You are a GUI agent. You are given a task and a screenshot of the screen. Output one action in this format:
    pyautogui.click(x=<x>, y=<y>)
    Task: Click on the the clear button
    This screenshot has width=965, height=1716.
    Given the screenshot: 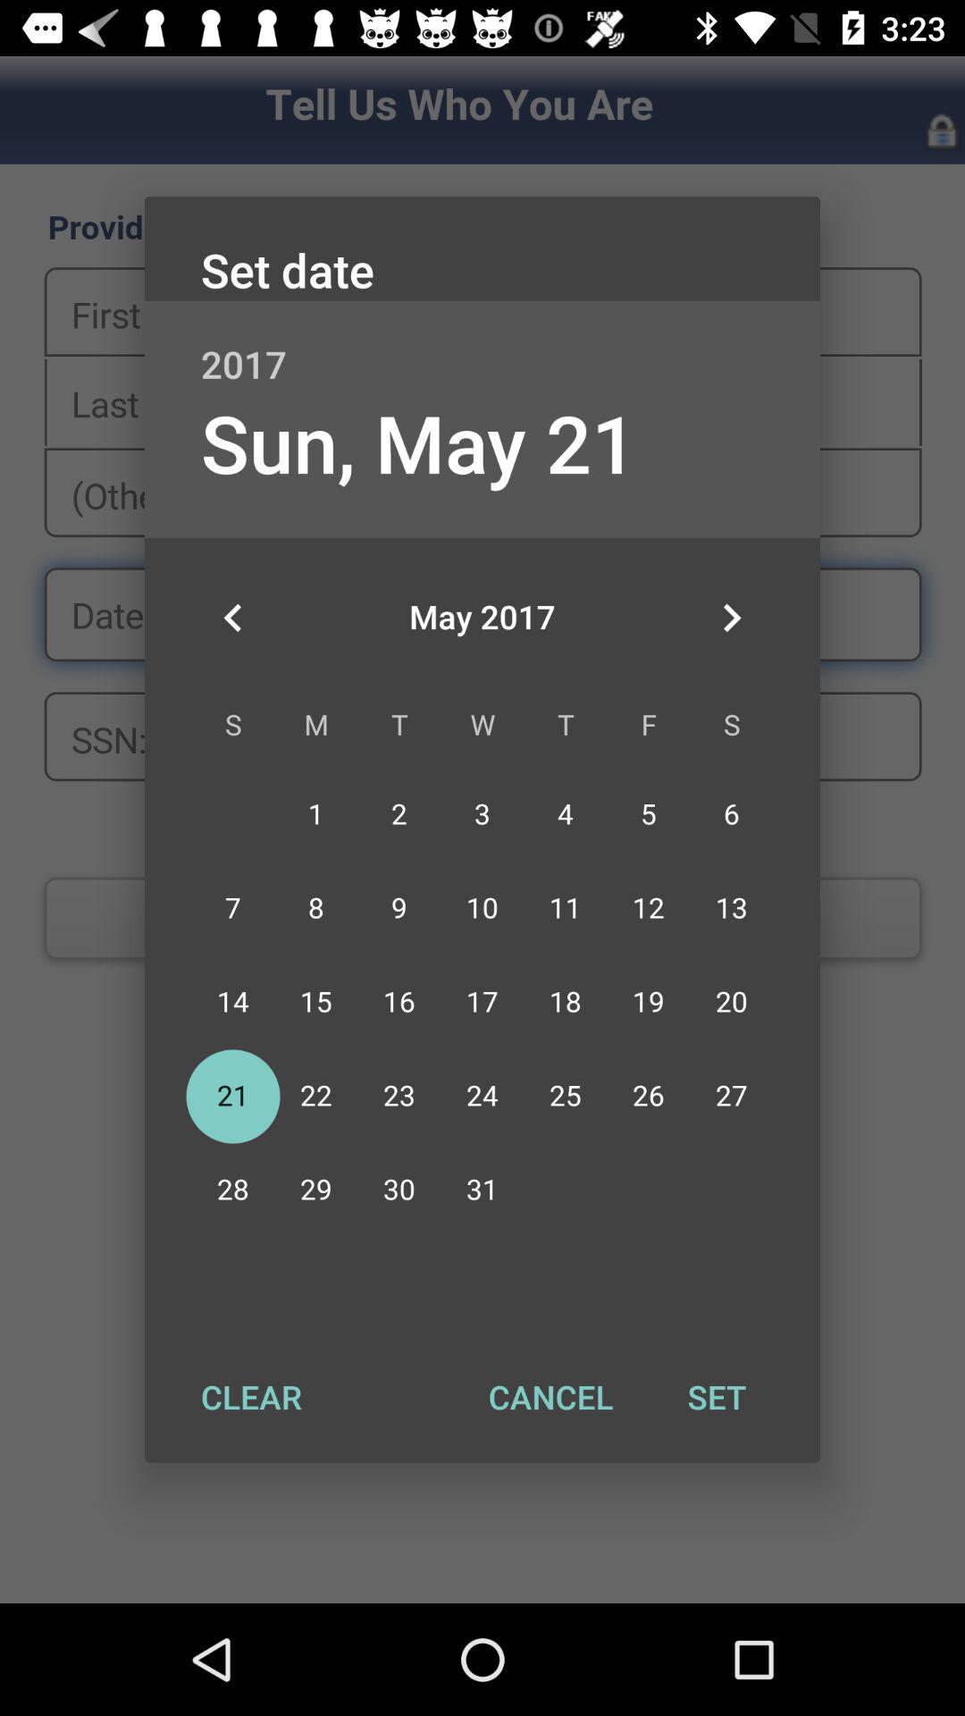 What is the action you would take?
    pyautogui.click(x=251, y=1396)
    